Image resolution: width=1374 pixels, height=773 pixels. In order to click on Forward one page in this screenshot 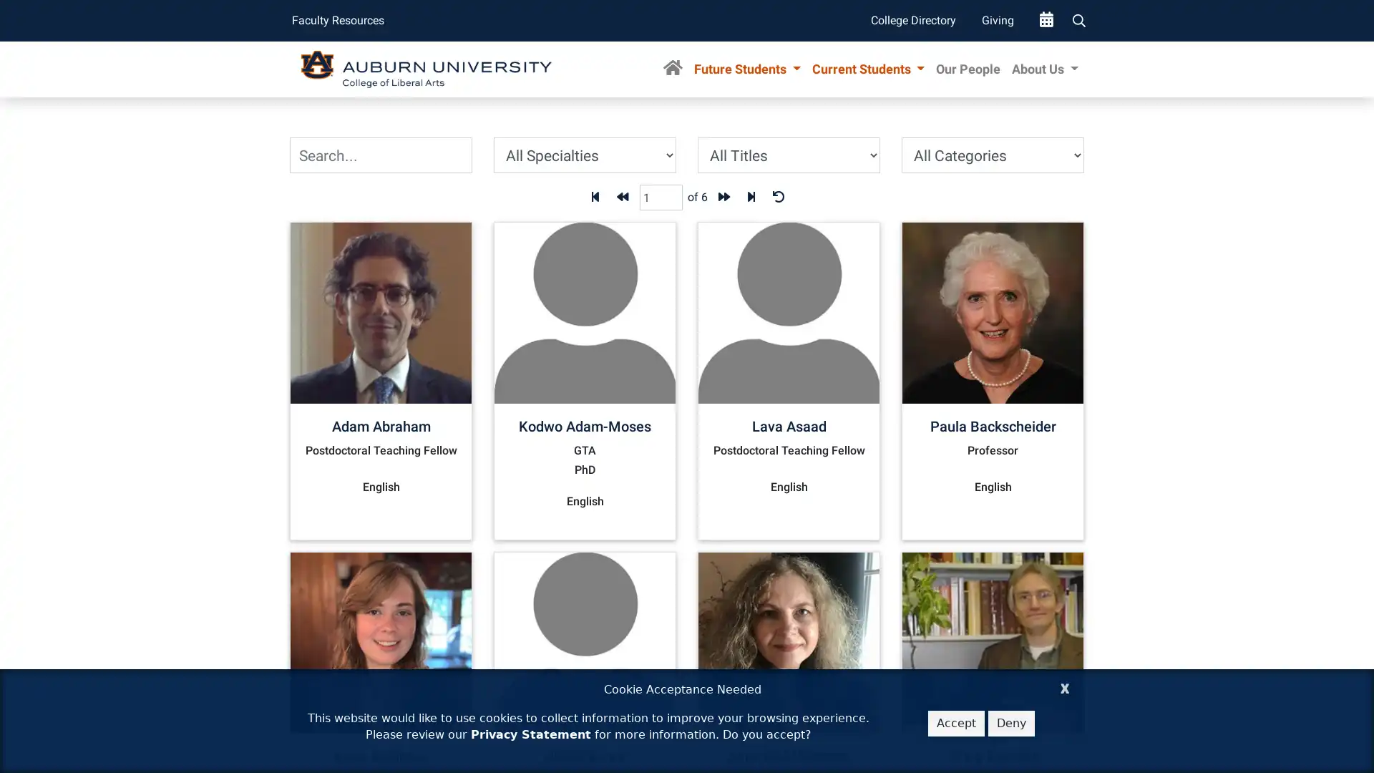, I will do `click(723, 198)`.